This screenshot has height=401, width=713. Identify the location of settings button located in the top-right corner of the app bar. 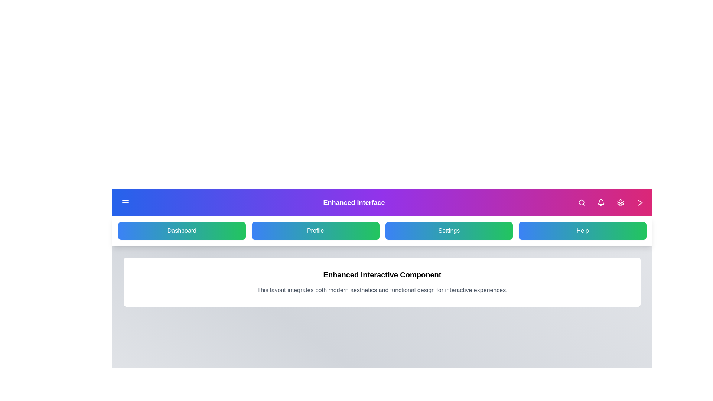
(620, 203).